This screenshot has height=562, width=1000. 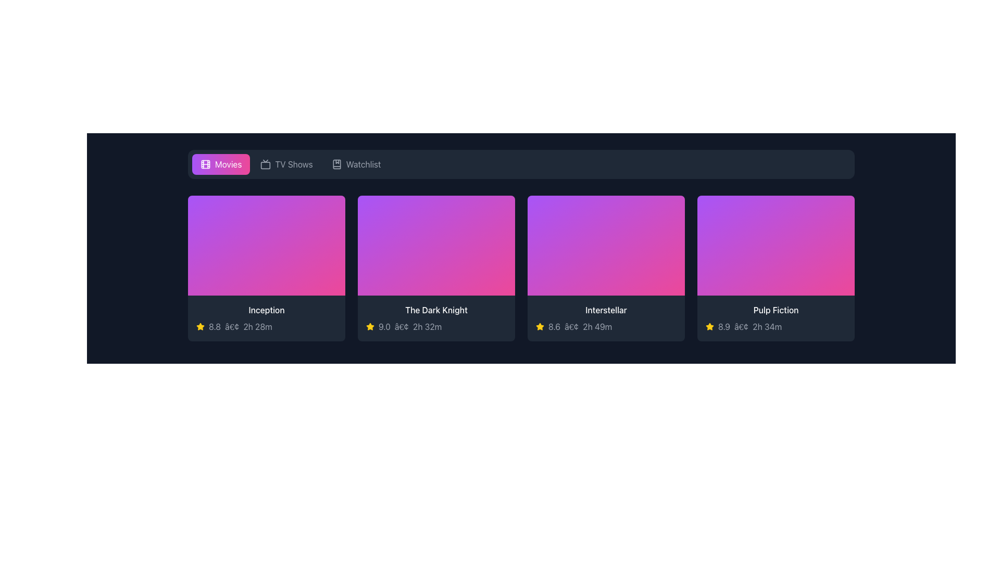 I want to click on the static text displaying '2h 28m' in gray color, located in the bottom-left corner of the card for 'Inception', adjacent to other metadata, so click(x=258, y=326).